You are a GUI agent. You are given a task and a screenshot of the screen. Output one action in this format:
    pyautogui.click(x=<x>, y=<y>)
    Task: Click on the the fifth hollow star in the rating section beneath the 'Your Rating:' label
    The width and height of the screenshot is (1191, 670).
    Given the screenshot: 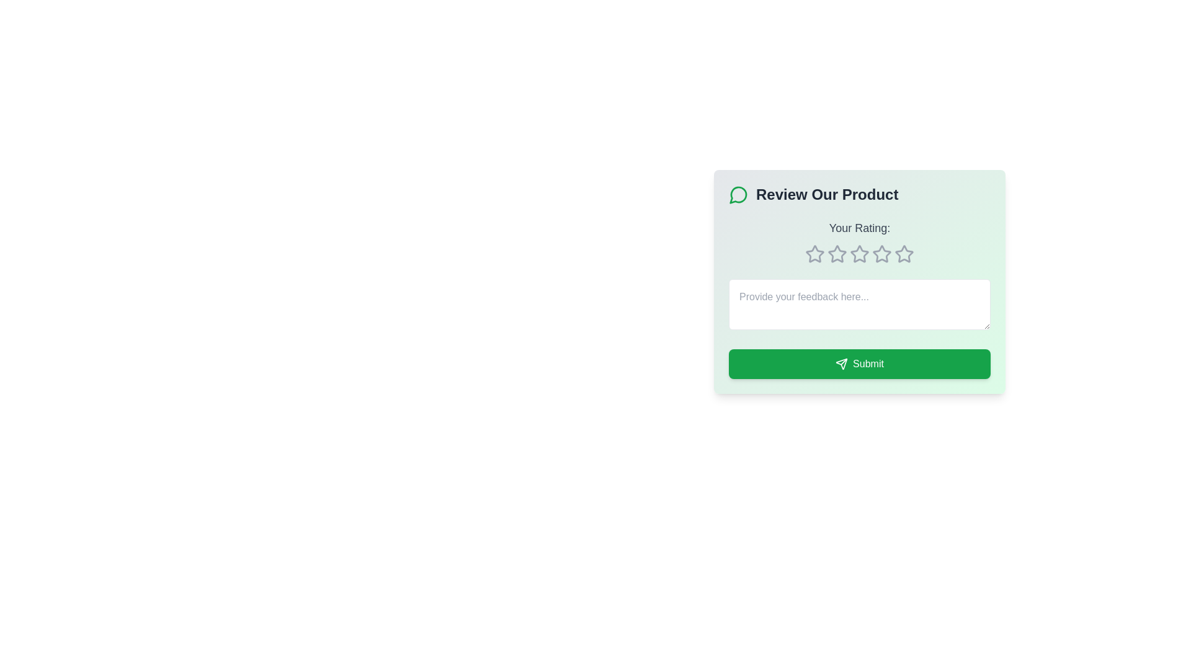 What is the action you would take?
    pyautogui.click(x=904, y=253)
    